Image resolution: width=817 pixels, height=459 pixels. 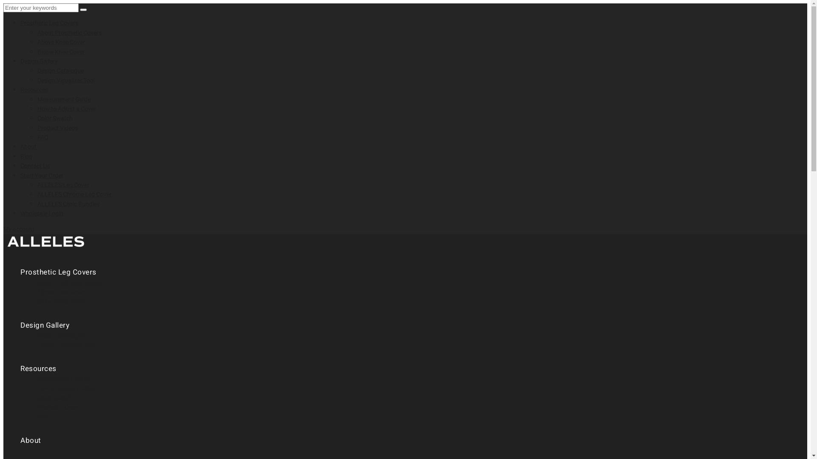 What do you see at coordinates (41, 213) in the screenshot?
I see `'Wholesale Login'` at bounding box center [41, 213].